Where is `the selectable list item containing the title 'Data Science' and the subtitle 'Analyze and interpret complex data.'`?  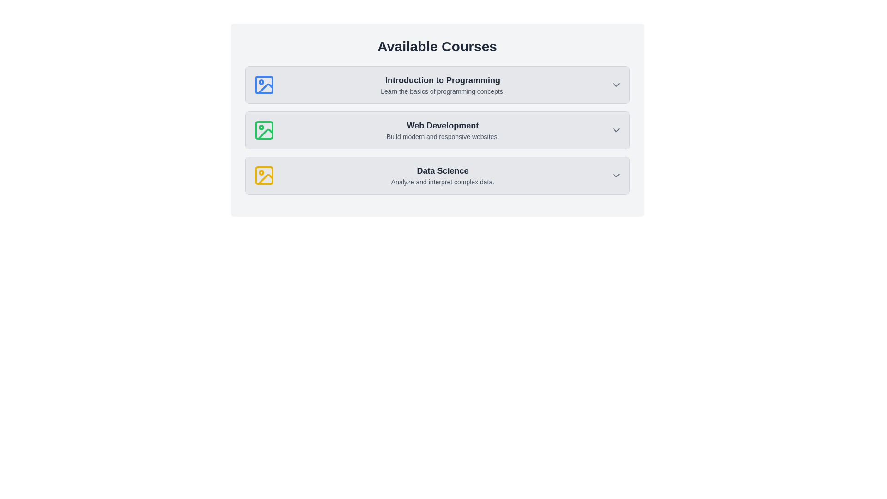
the selectable list item containing the title 'Data Science' and the subtitle 'Analyze and interpret complex data.' is located at coordinates (437, 176).